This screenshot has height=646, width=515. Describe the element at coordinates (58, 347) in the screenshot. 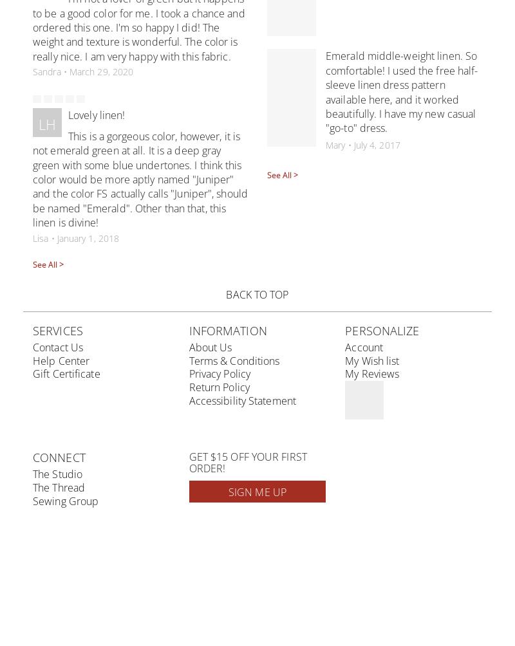

I see `'Contact
                                Us'` at that location.